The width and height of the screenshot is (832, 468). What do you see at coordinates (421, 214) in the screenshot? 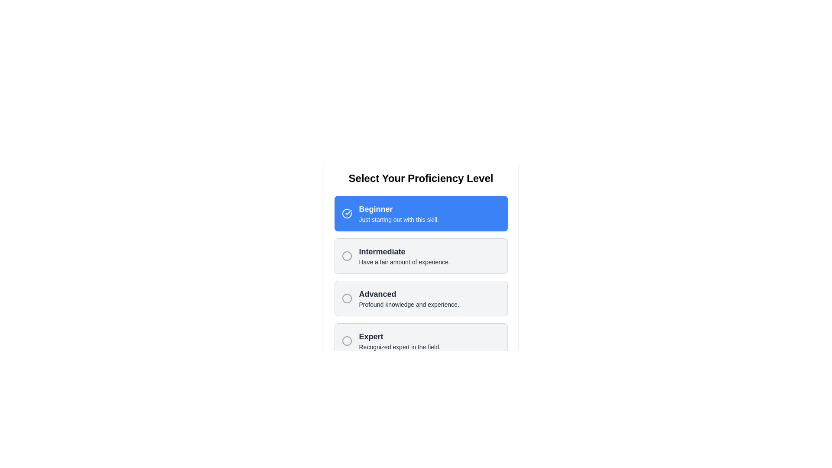
I see `the blue rectangular button with rounded corners labeled 'Beginner'` at bounding box center [421, 214].